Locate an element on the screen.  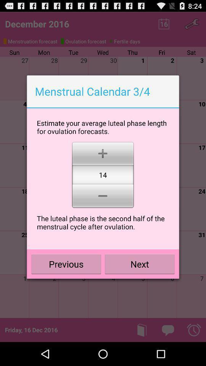
the previous icon is located at coordinates (66, 264).